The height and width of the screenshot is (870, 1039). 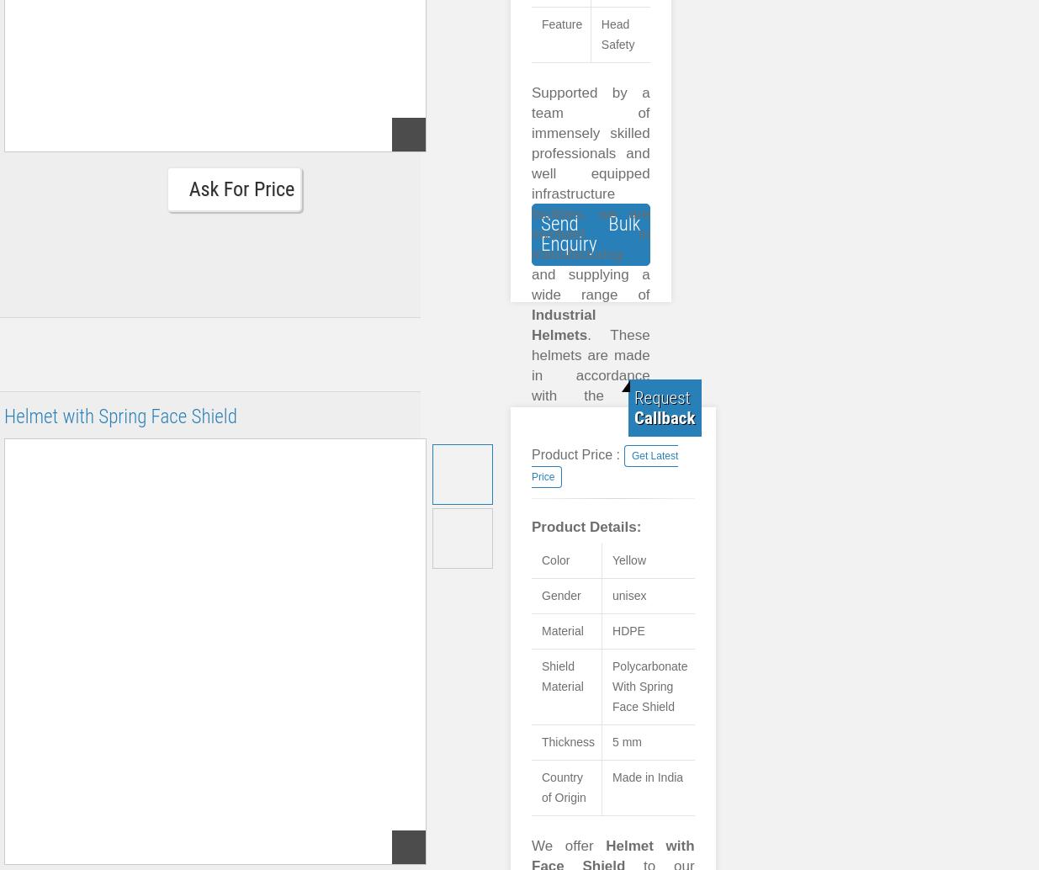 I want to click on '5 mm', so click(x=627, y=741).